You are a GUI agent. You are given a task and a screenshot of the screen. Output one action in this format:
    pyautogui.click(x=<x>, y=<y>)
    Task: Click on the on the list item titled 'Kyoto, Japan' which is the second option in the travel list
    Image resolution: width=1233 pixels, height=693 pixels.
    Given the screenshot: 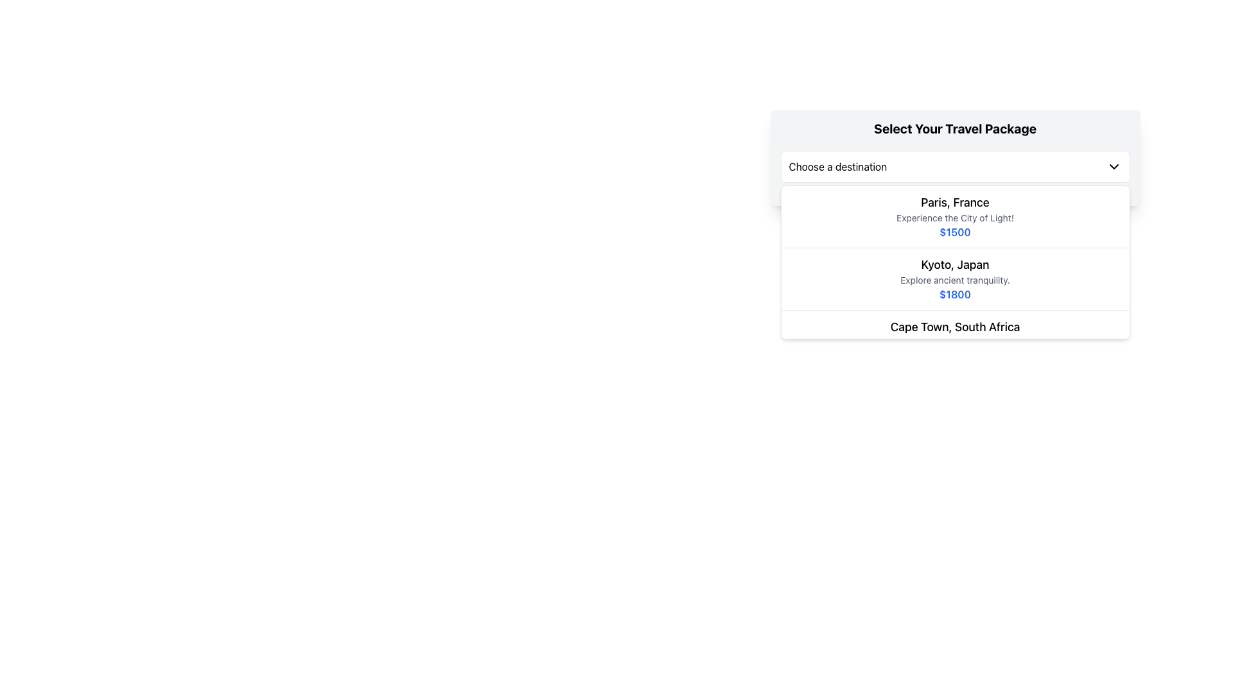 What is the action you would take?
    pyautogui.click(x=955, y=278)
    